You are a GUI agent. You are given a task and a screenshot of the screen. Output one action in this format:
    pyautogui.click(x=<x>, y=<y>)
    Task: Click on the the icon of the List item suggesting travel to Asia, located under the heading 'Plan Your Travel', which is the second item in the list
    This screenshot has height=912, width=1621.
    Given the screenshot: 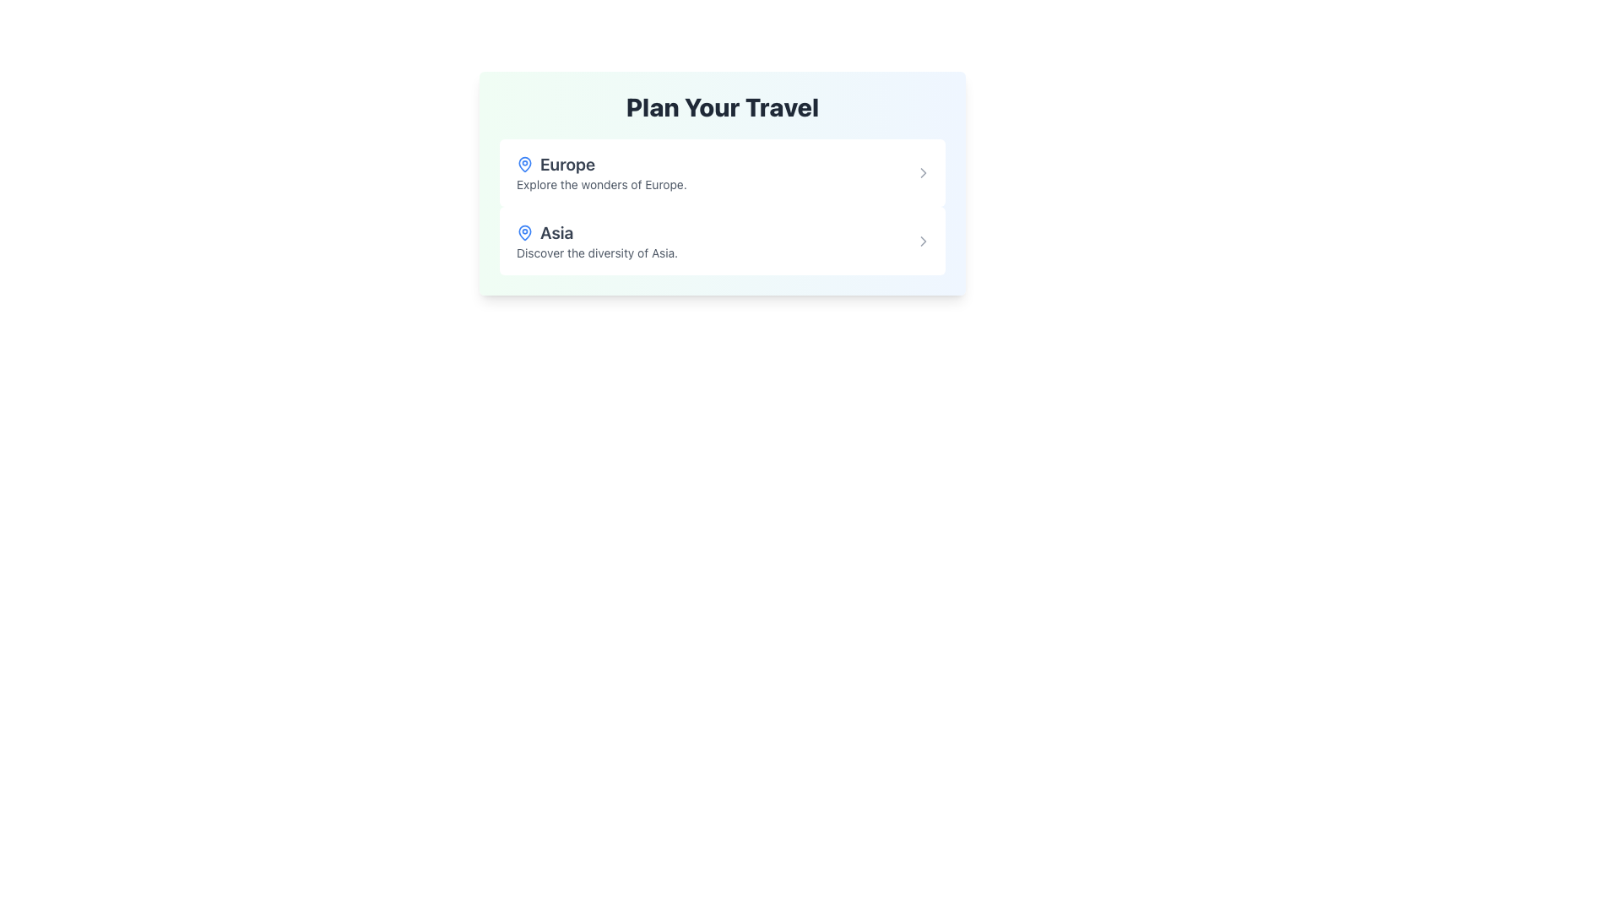 What is the action you would take?
    pyautogui.click(x=597, y=241)
    